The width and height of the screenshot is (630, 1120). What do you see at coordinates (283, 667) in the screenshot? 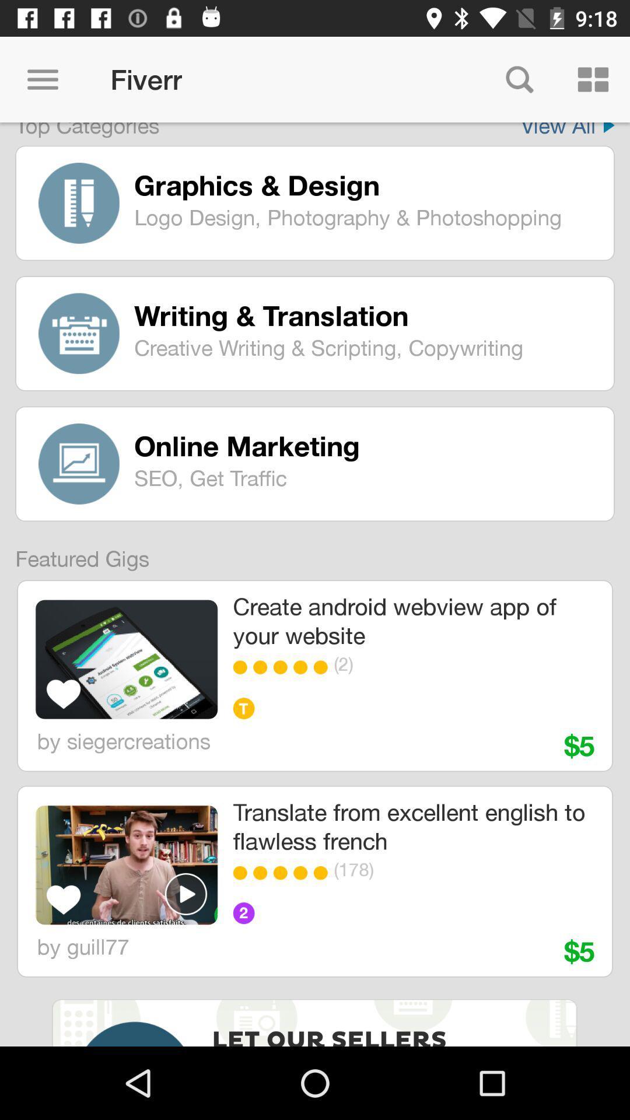
I see `the icon above the translate from excellent` at bounding box center [283, 667].